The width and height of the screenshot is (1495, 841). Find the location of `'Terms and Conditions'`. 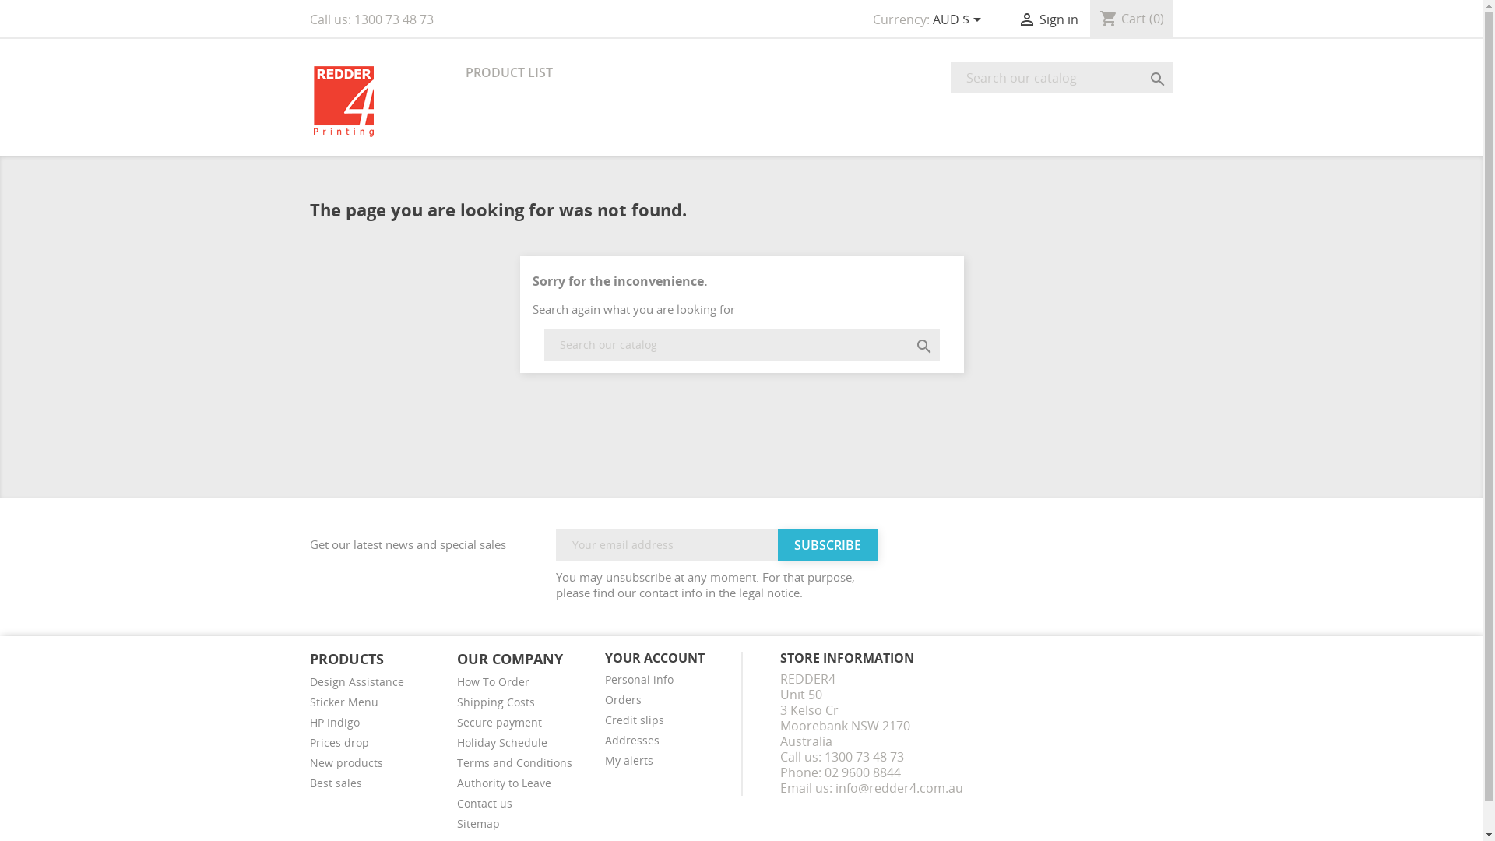

'Terms and Conditions' is located at coordinates (515, 762).